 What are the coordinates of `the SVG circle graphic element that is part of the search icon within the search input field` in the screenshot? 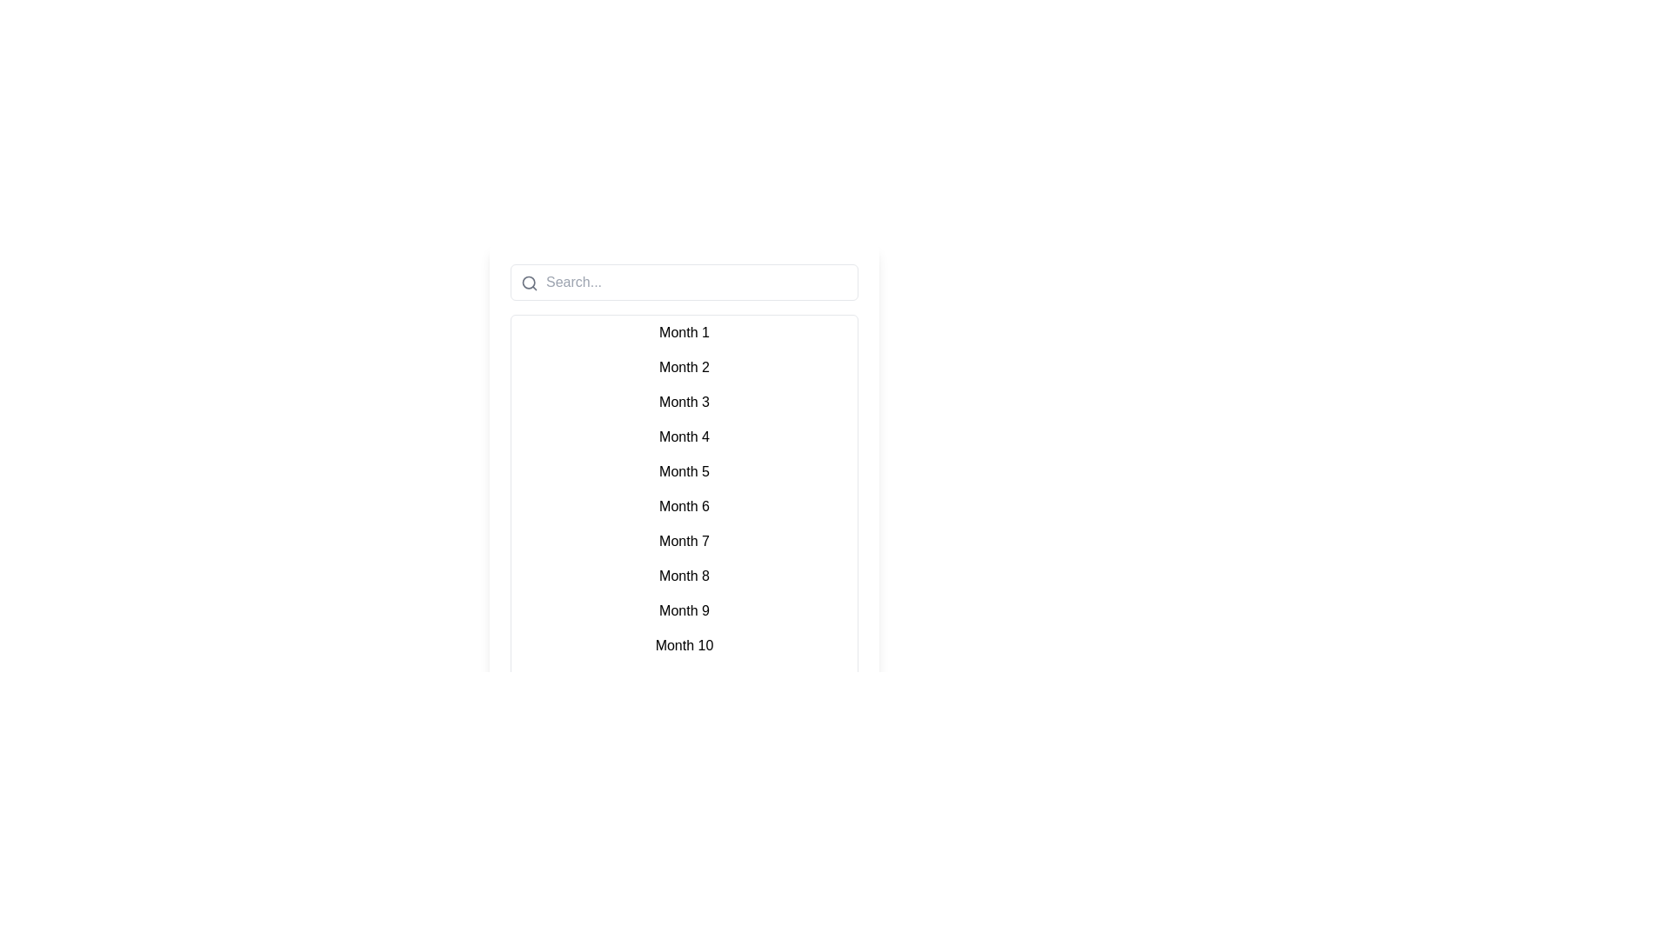 It's located at (528, 282).